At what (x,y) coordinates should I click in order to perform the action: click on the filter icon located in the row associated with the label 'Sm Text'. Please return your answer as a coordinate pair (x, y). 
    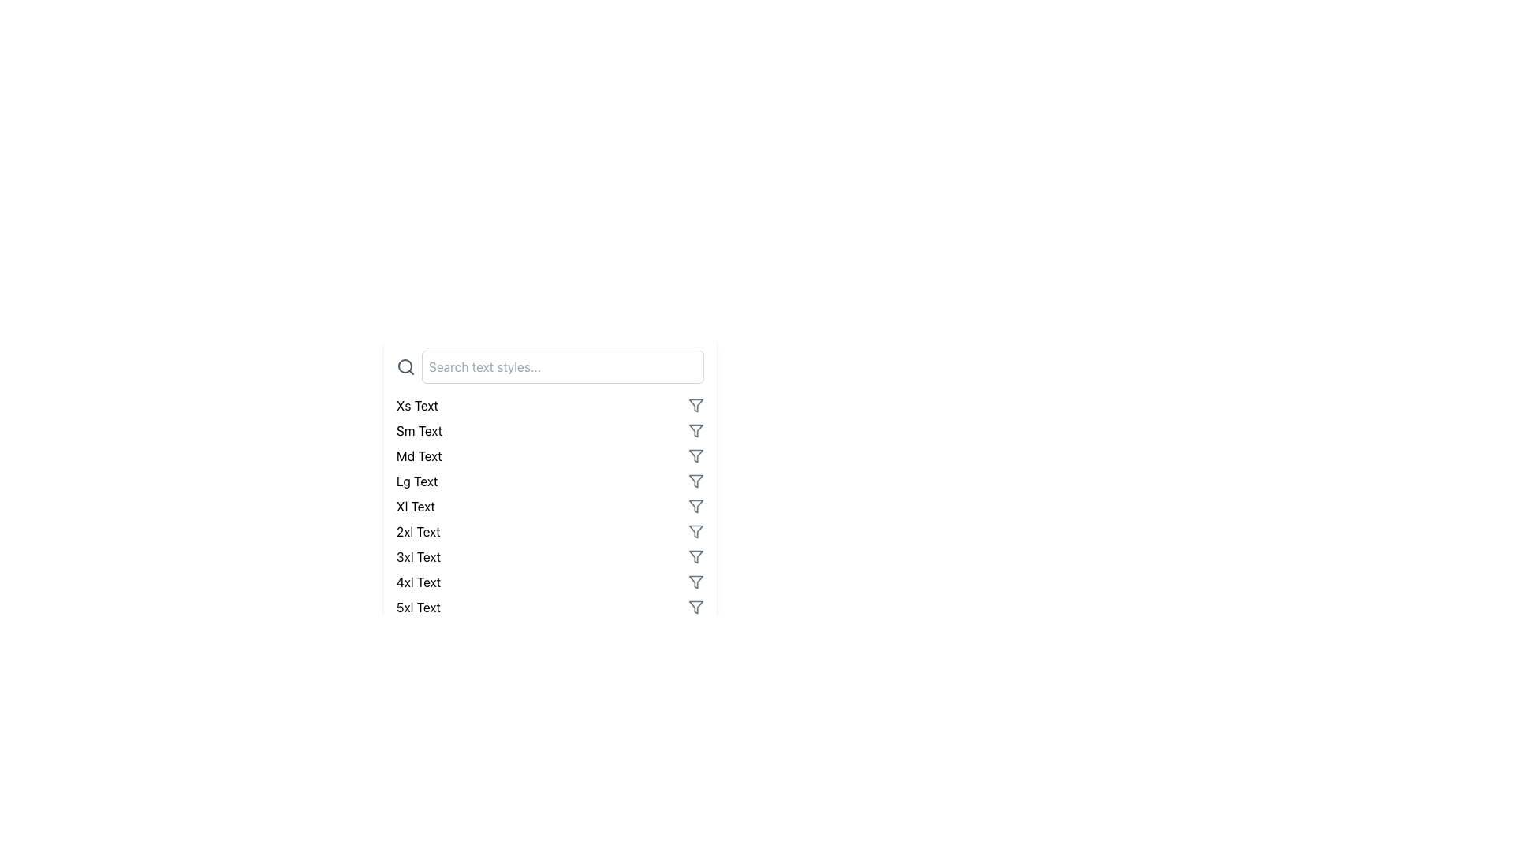
    Looking at the image, I should click on (695, 431).